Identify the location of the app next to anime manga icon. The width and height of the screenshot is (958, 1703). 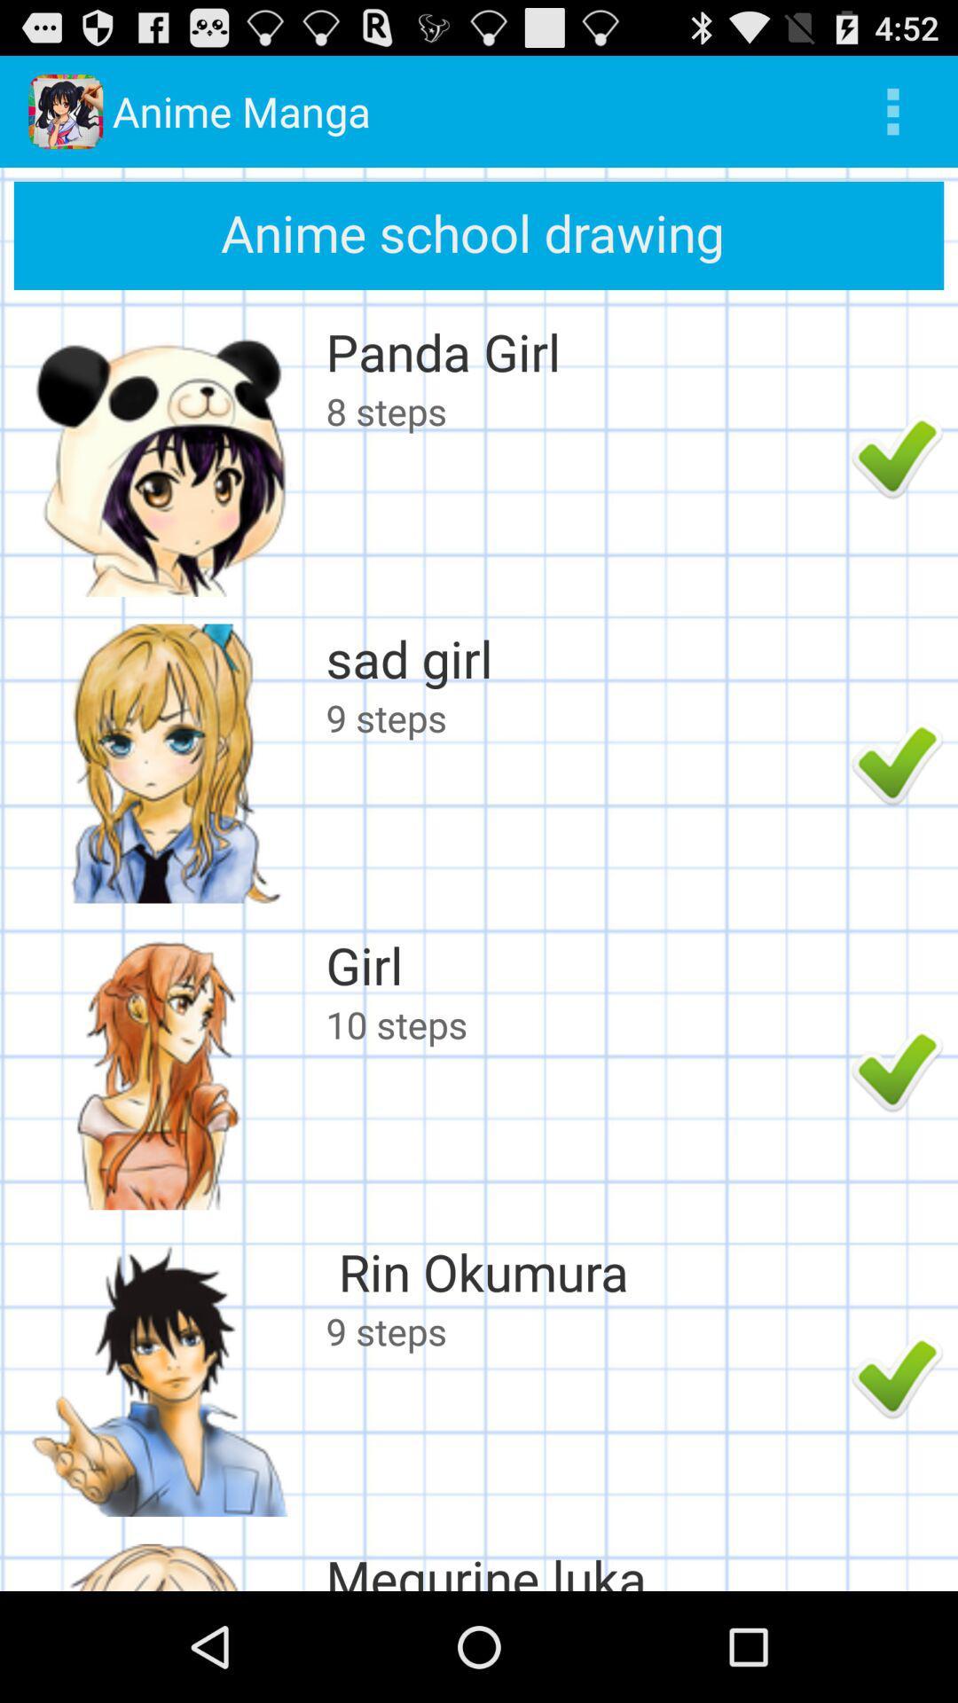
(892, 110).